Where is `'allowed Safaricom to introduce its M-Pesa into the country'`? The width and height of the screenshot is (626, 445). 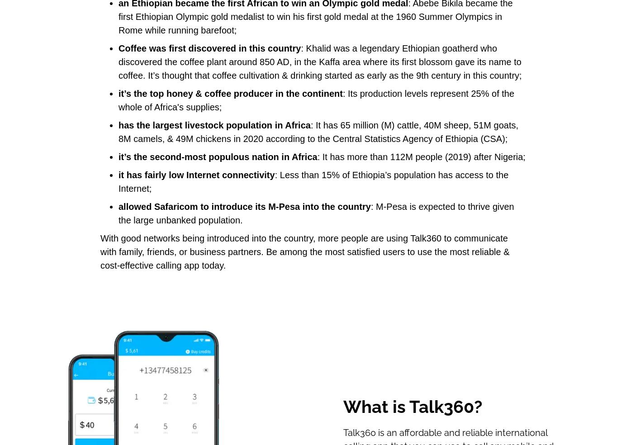 'allowed Safaricom to introduce its M-Pesa into the country' is located at coordinates (118, 206).